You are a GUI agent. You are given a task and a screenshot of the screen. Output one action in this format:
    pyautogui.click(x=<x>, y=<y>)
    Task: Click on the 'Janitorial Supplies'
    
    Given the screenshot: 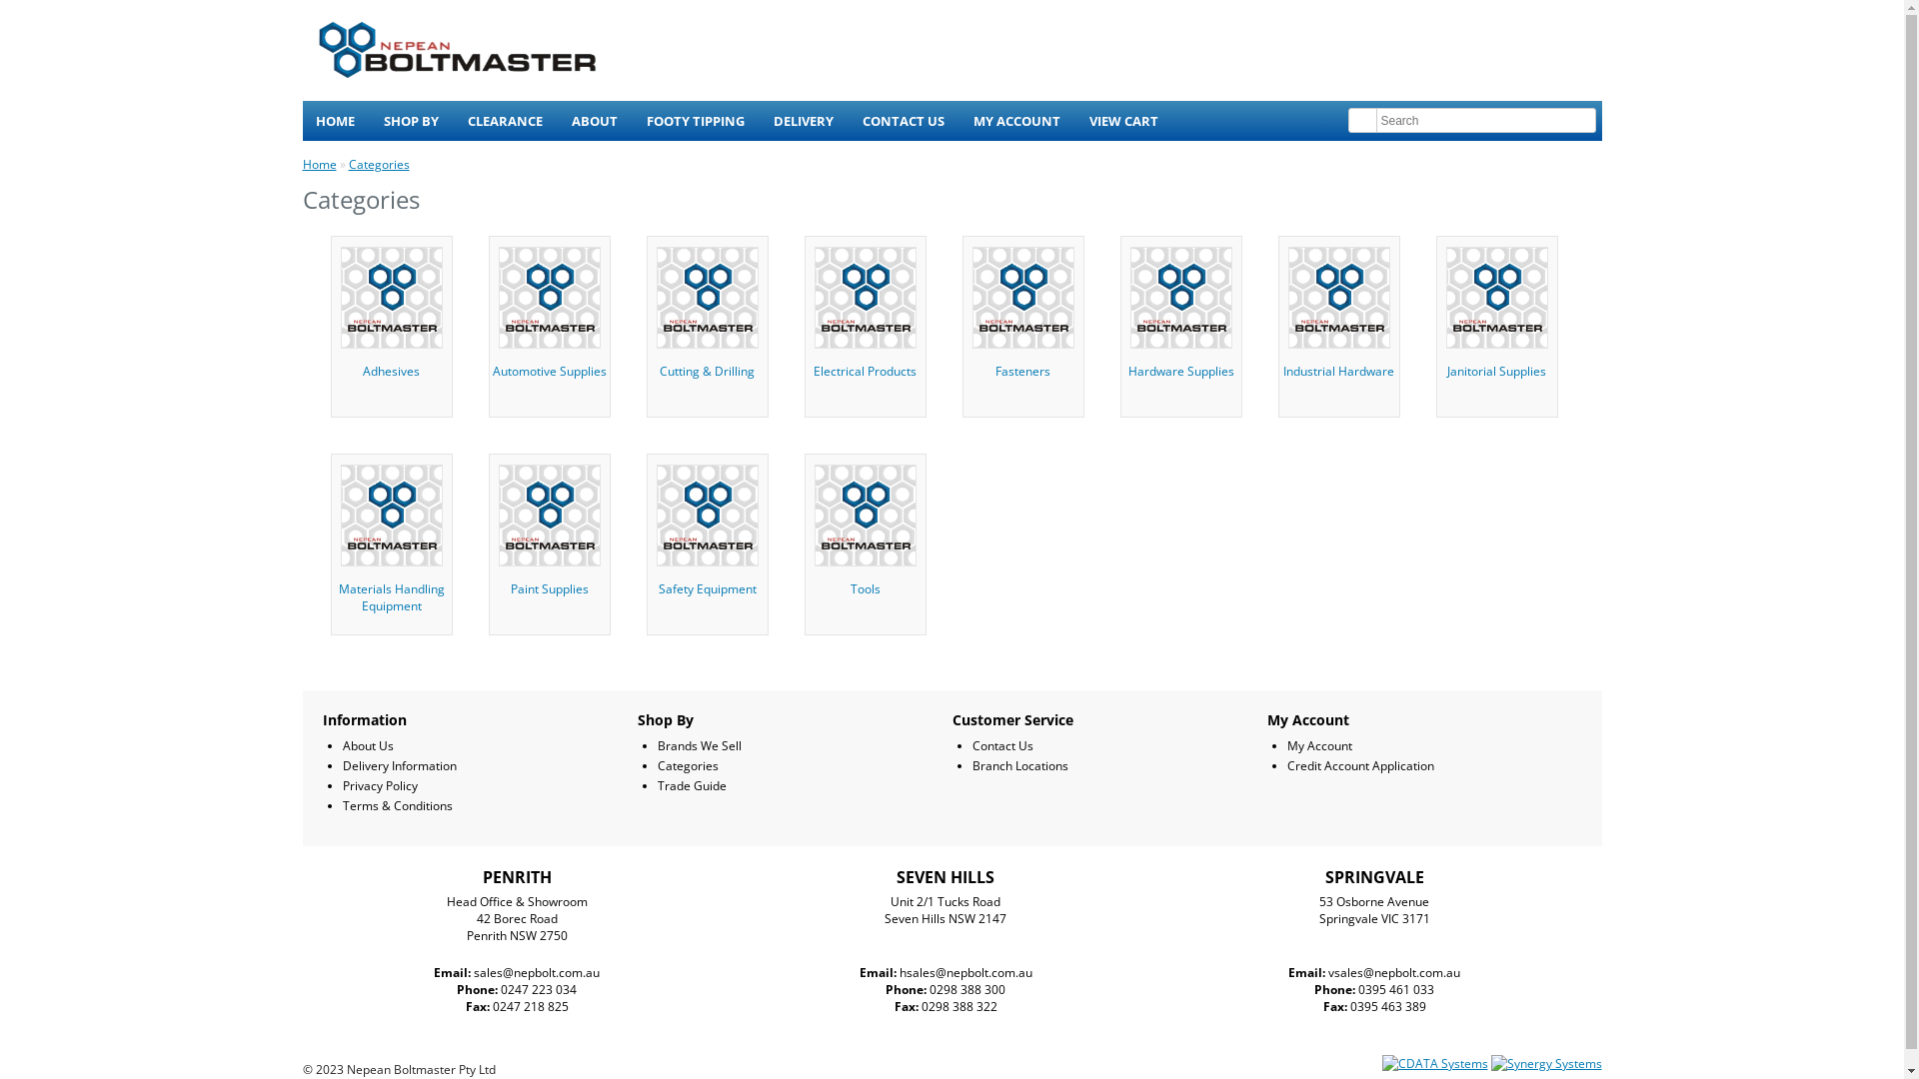 What is the action you would take?
    pyautogui.click(x=1496, y=319)
    